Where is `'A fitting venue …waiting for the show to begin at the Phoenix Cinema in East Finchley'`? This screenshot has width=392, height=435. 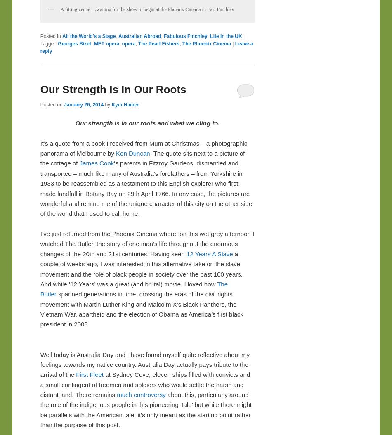
'A fitting venue …waiting for the show to begin at the Phoenix Cinema in East Finchley' is located at coordinates (146, 9).